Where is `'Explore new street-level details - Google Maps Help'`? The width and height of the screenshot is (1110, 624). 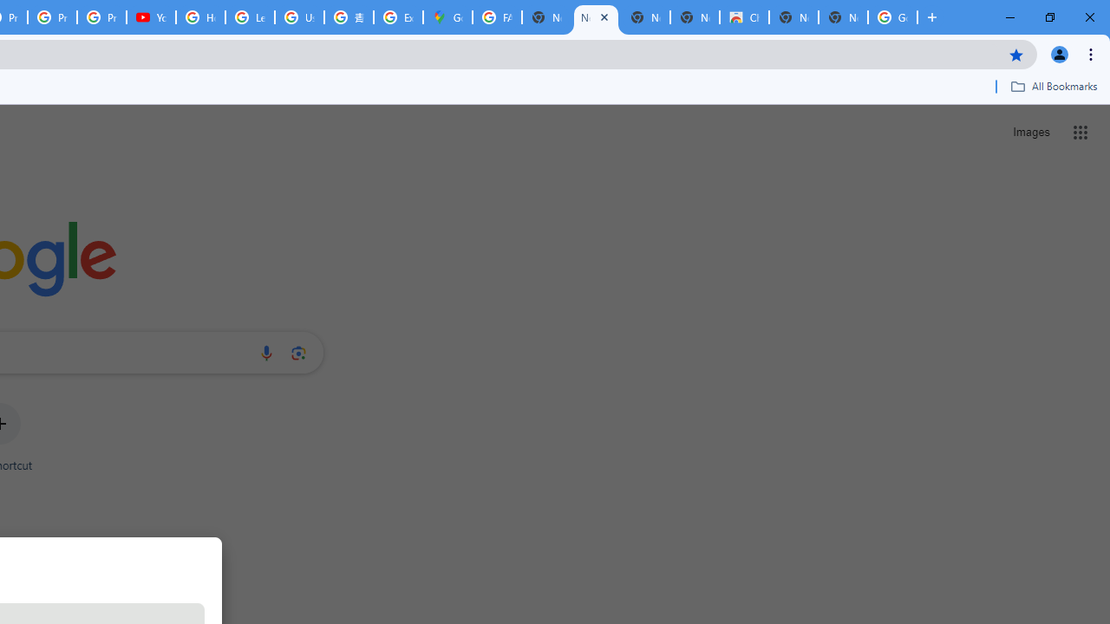
'Explore new street-level details - Google Maps Help' is located at coordinates (397, 17).